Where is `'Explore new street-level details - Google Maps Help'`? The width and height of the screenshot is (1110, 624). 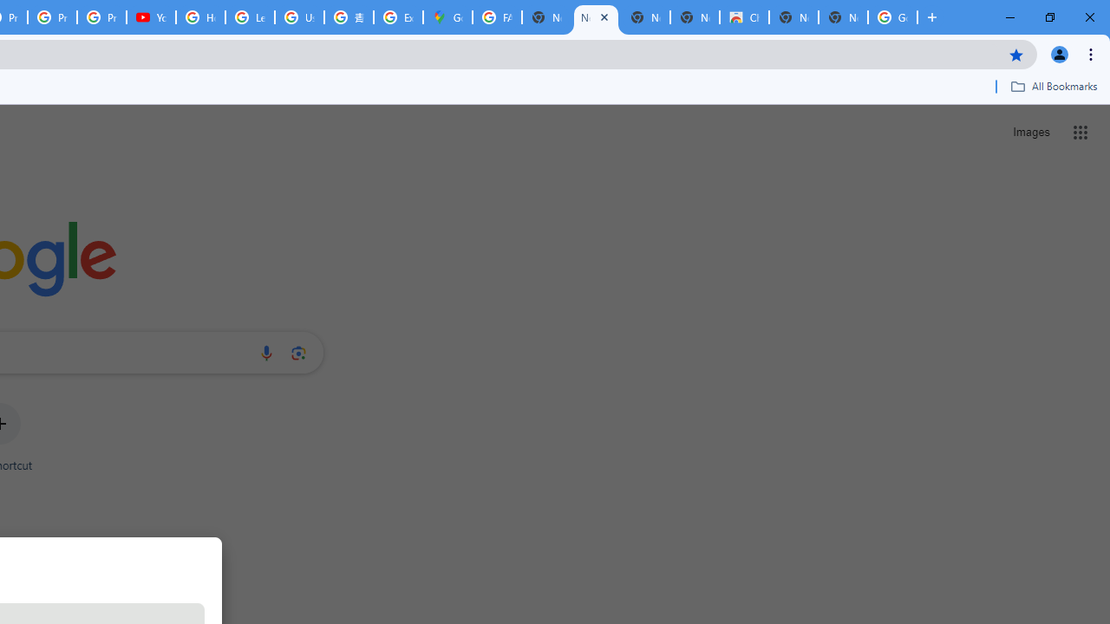
'Explore new street-level details - Google Maps Help' is located at coordinates (397, 17).